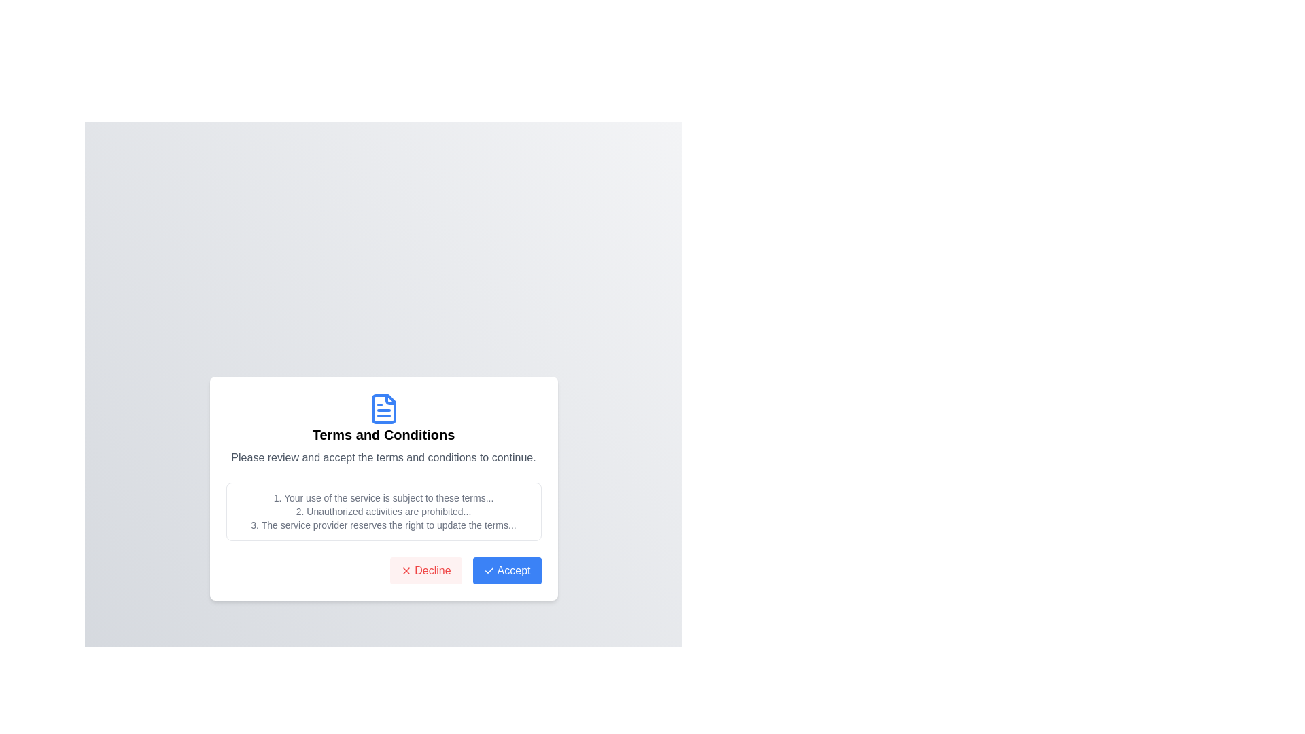 The height and width of the screenshot is (734, 1305). Describe the element at coordinates (506, 571) in the screenshot. I see `the blue 'Accept' button with a white checkmark icon and white text, located at the bottom-right corner of the 'Terms and Conditions' card` at that location.